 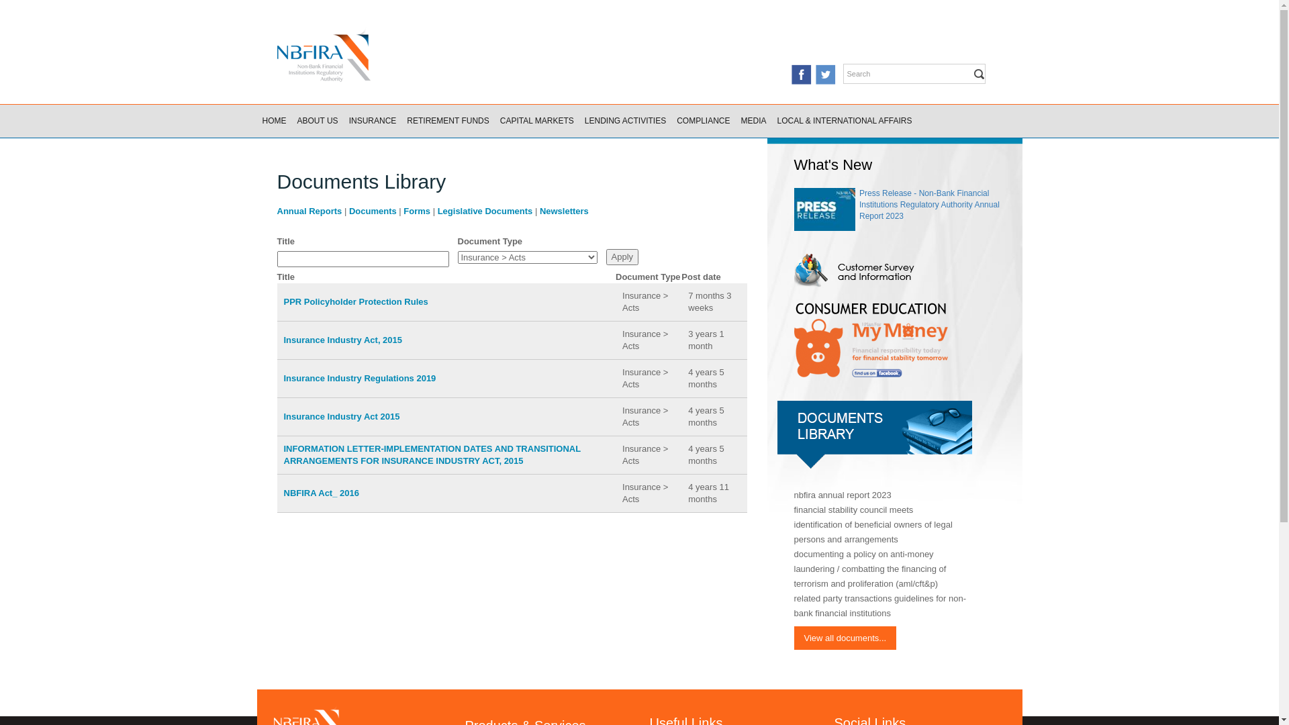 I want to click on 'Enter the terms you wish to search for.', so click(x=909, y=74).